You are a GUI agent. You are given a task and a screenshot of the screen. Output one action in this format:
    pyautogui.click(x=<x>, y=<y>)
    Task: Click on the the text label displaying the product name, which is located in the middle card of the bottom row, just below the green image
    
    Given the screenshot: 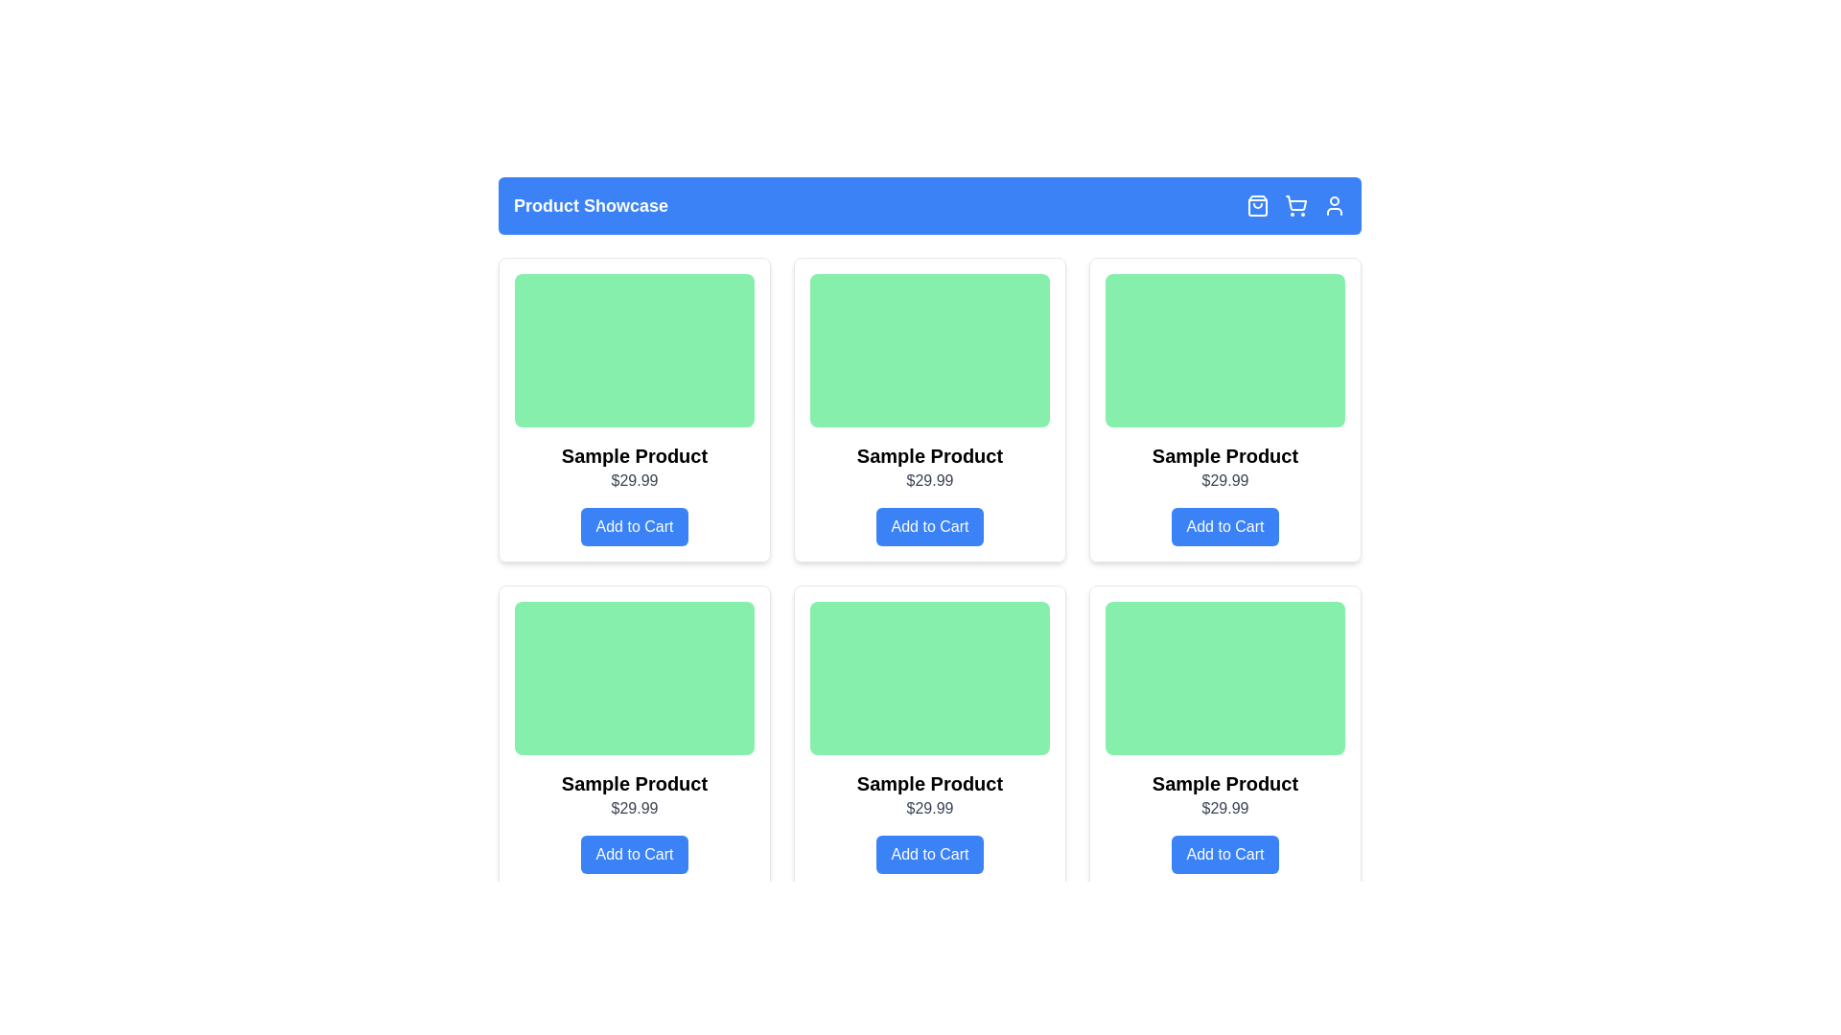 What is the action you would take?
    pyautogui.click(x=929, y=783)
    